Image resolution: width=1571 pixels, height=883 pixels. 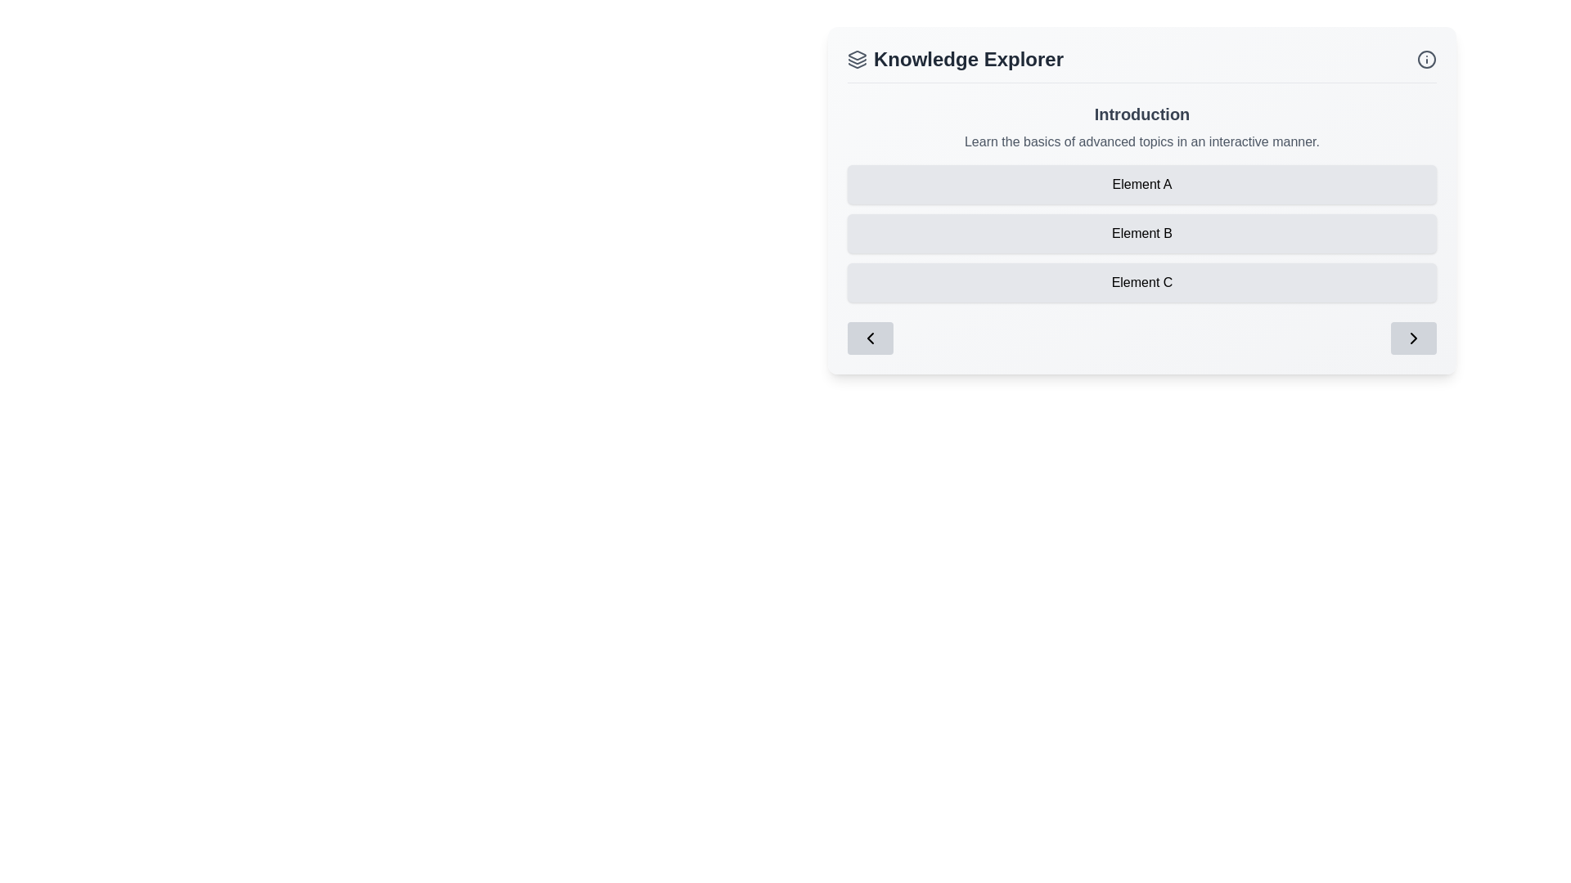 I want to click on the non-interactive list item labeled 'Element A' located at the top of a vertically arranged list of three elements, so click(x=1141, y=184).